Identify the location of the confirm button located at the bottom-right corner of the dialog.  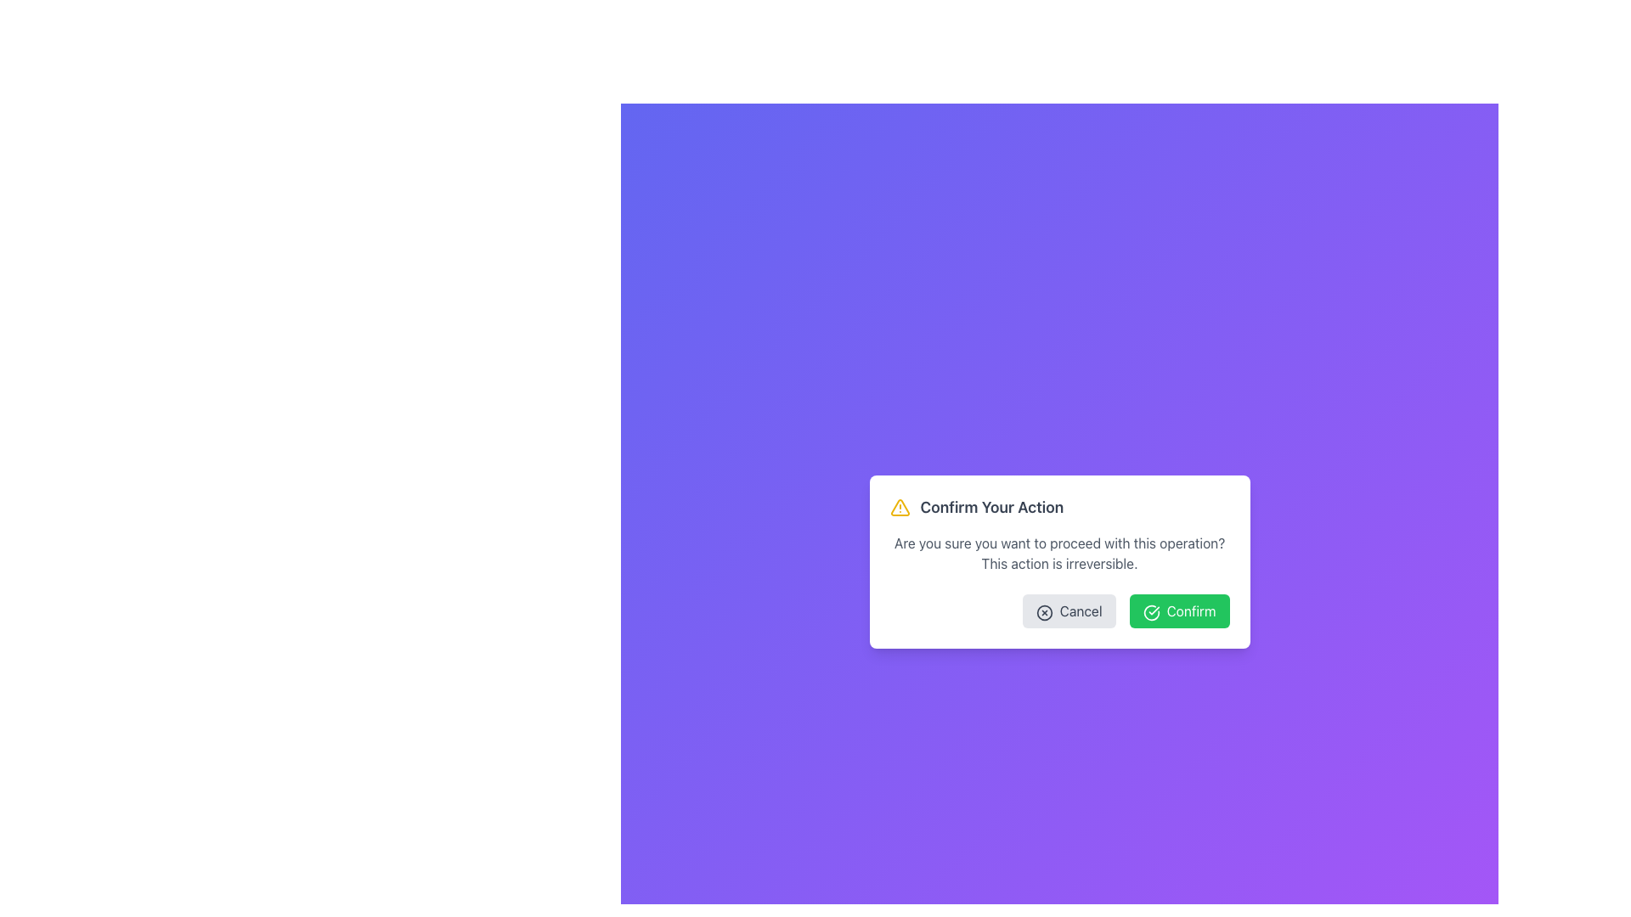
(1178, 611).